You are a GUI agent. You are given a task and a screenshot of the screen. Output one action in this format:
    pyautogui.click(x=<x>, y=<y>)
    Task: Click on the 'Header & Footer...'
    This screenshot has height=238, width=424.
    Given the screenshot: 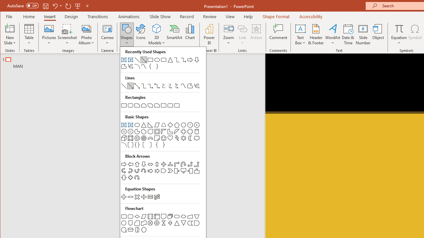 What is the action you would take?
    pyautogui.click(x=316, y=34)
    